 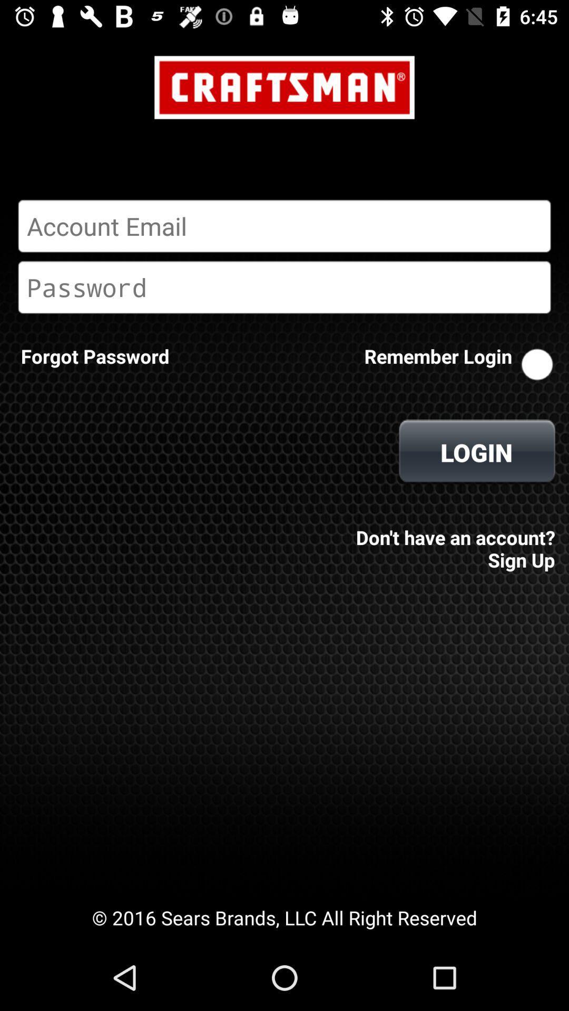 I want to click on forgot password icon, so click(x=95, y=356).